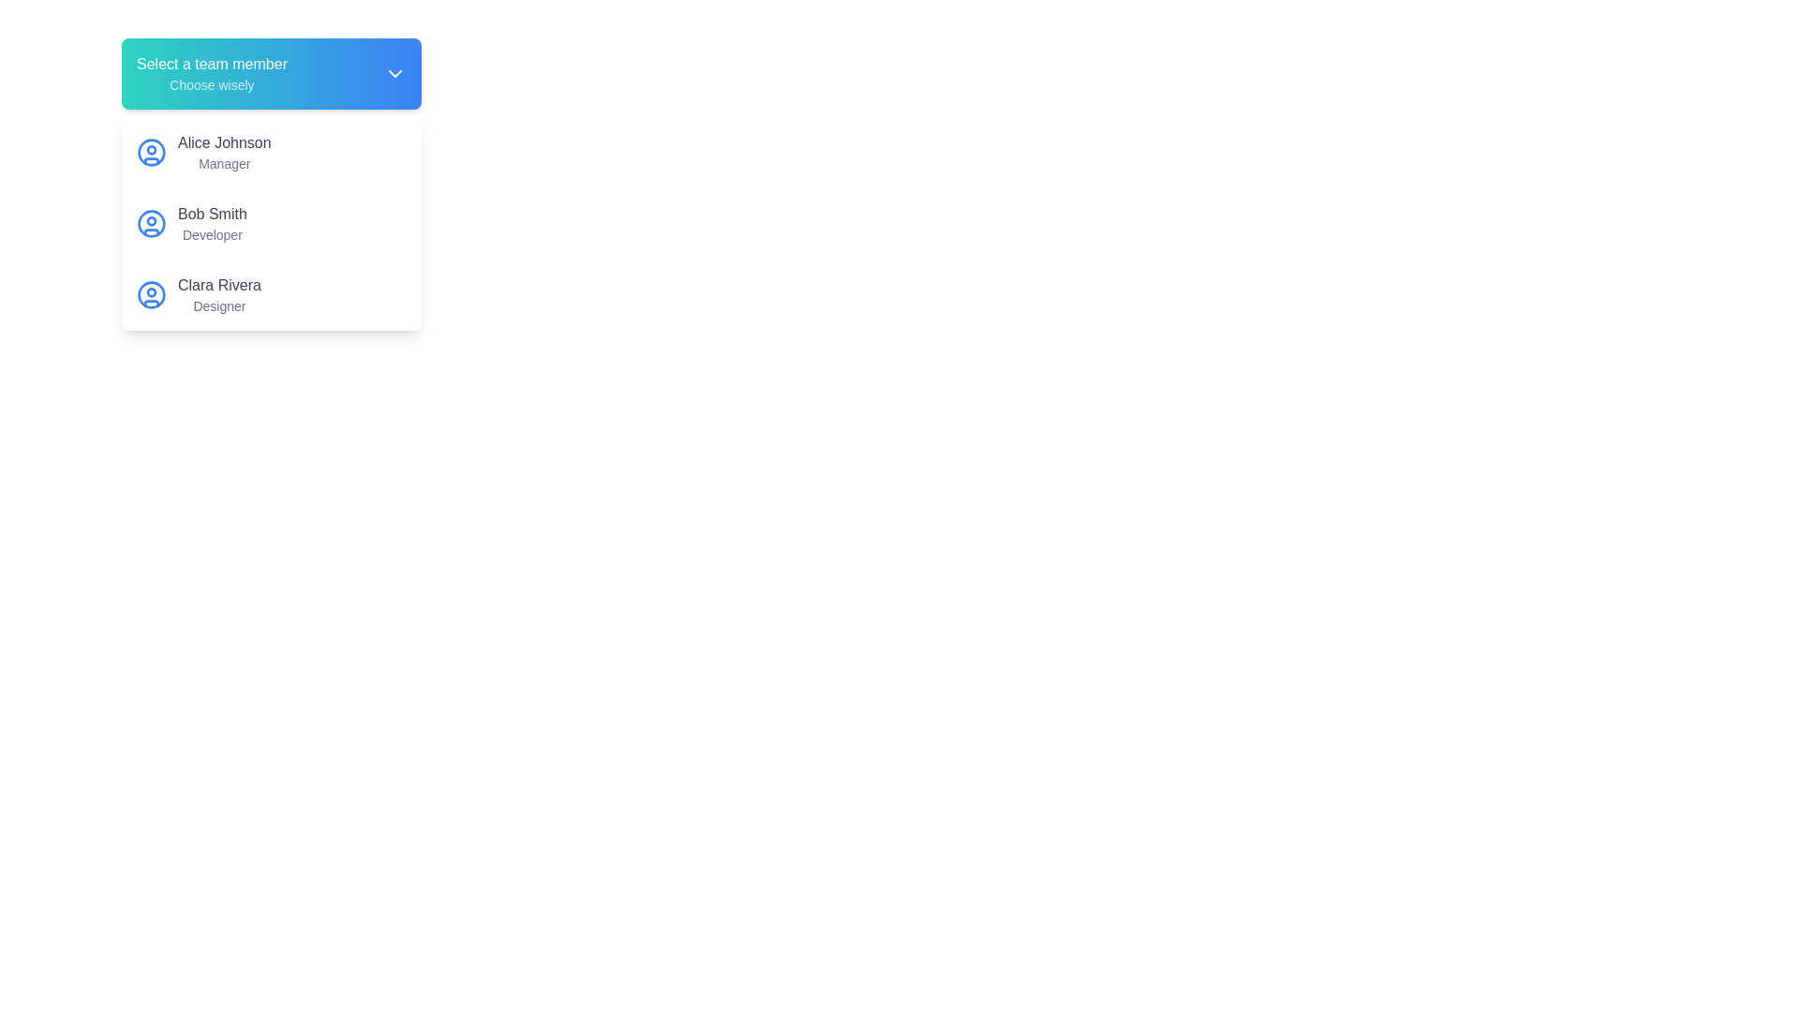 This screenshot has width=1799, height=1012. What do you see at coordinates (212, 72) in the screenshot?
I see `the text label 'Select a team member' with a colorful gradient background, which is part of a dropdown button` at bounding box center [212, 72].